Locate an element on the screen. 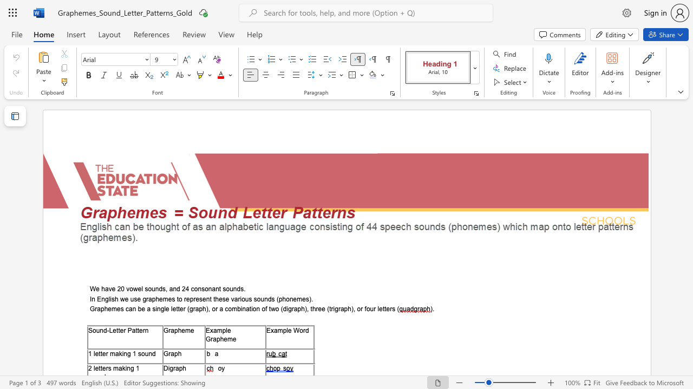 The height and width of the screenshot is (389, 693). the subset text "ap" within the text "Graph" is located at coordinates (170, 353).